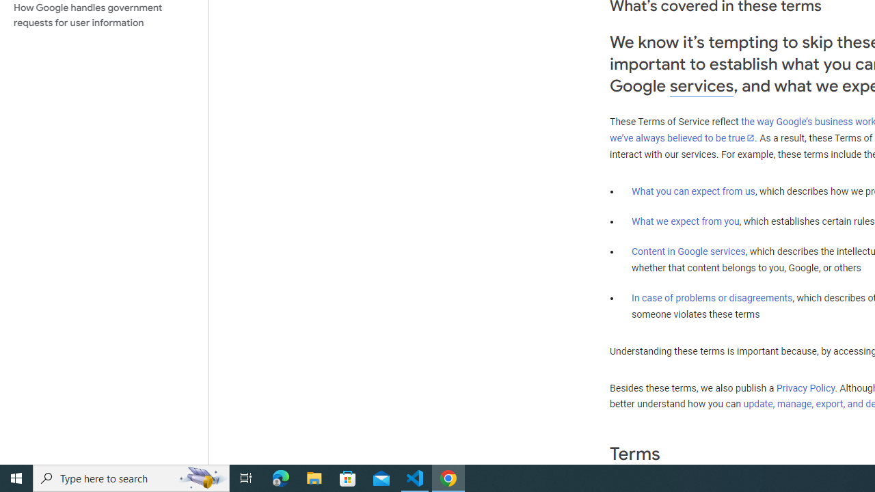  Describe the element at coordinates (701, 85) in the screenshot. I see `'services'` at that location.